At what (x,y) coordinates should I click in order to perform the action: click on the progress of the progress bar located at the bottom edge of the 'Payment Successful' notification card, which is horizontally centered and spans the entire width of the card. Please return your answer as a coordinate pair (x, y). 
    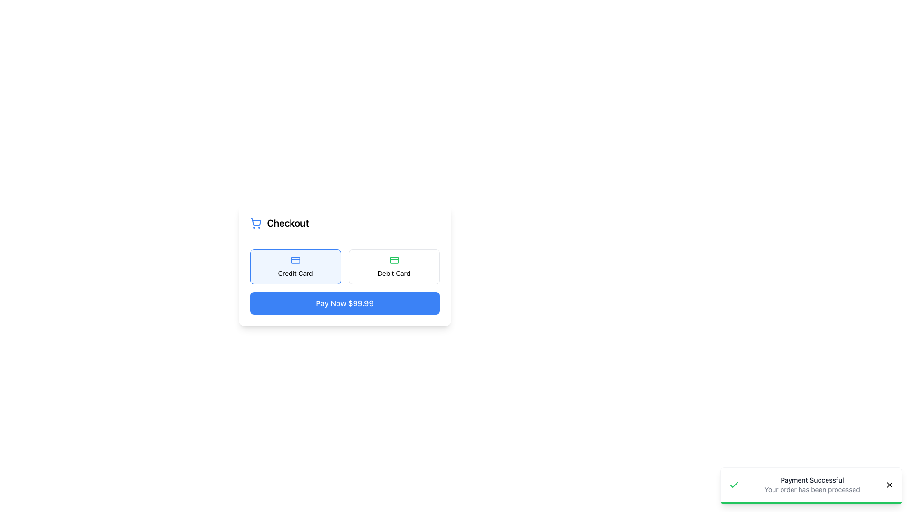
    Looking at the image, I should click on (811, 502).